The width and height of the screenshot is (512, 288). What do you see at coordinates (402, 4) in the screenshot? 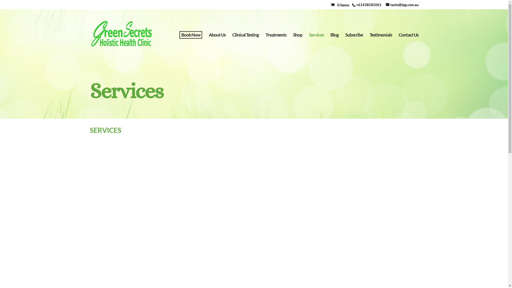
I see `'tashz@tpg.com.au'` at bounding box center [402, 4].